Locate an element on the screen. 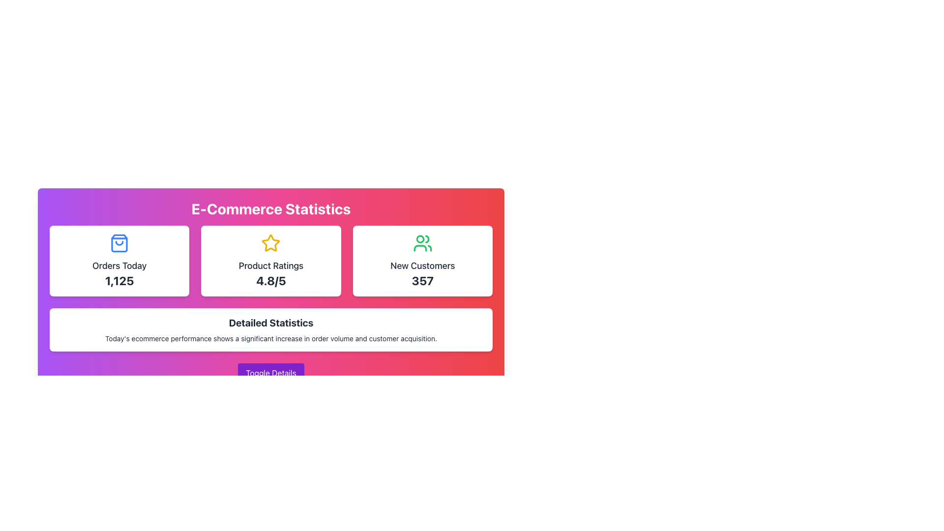  the star icon representing product ratings located in the 'Product Ratings' panel under 'E-Commerce Statistics', positioned between the 'Orders Today' and 'New Customers' panels is located at coordinates (271, 243).